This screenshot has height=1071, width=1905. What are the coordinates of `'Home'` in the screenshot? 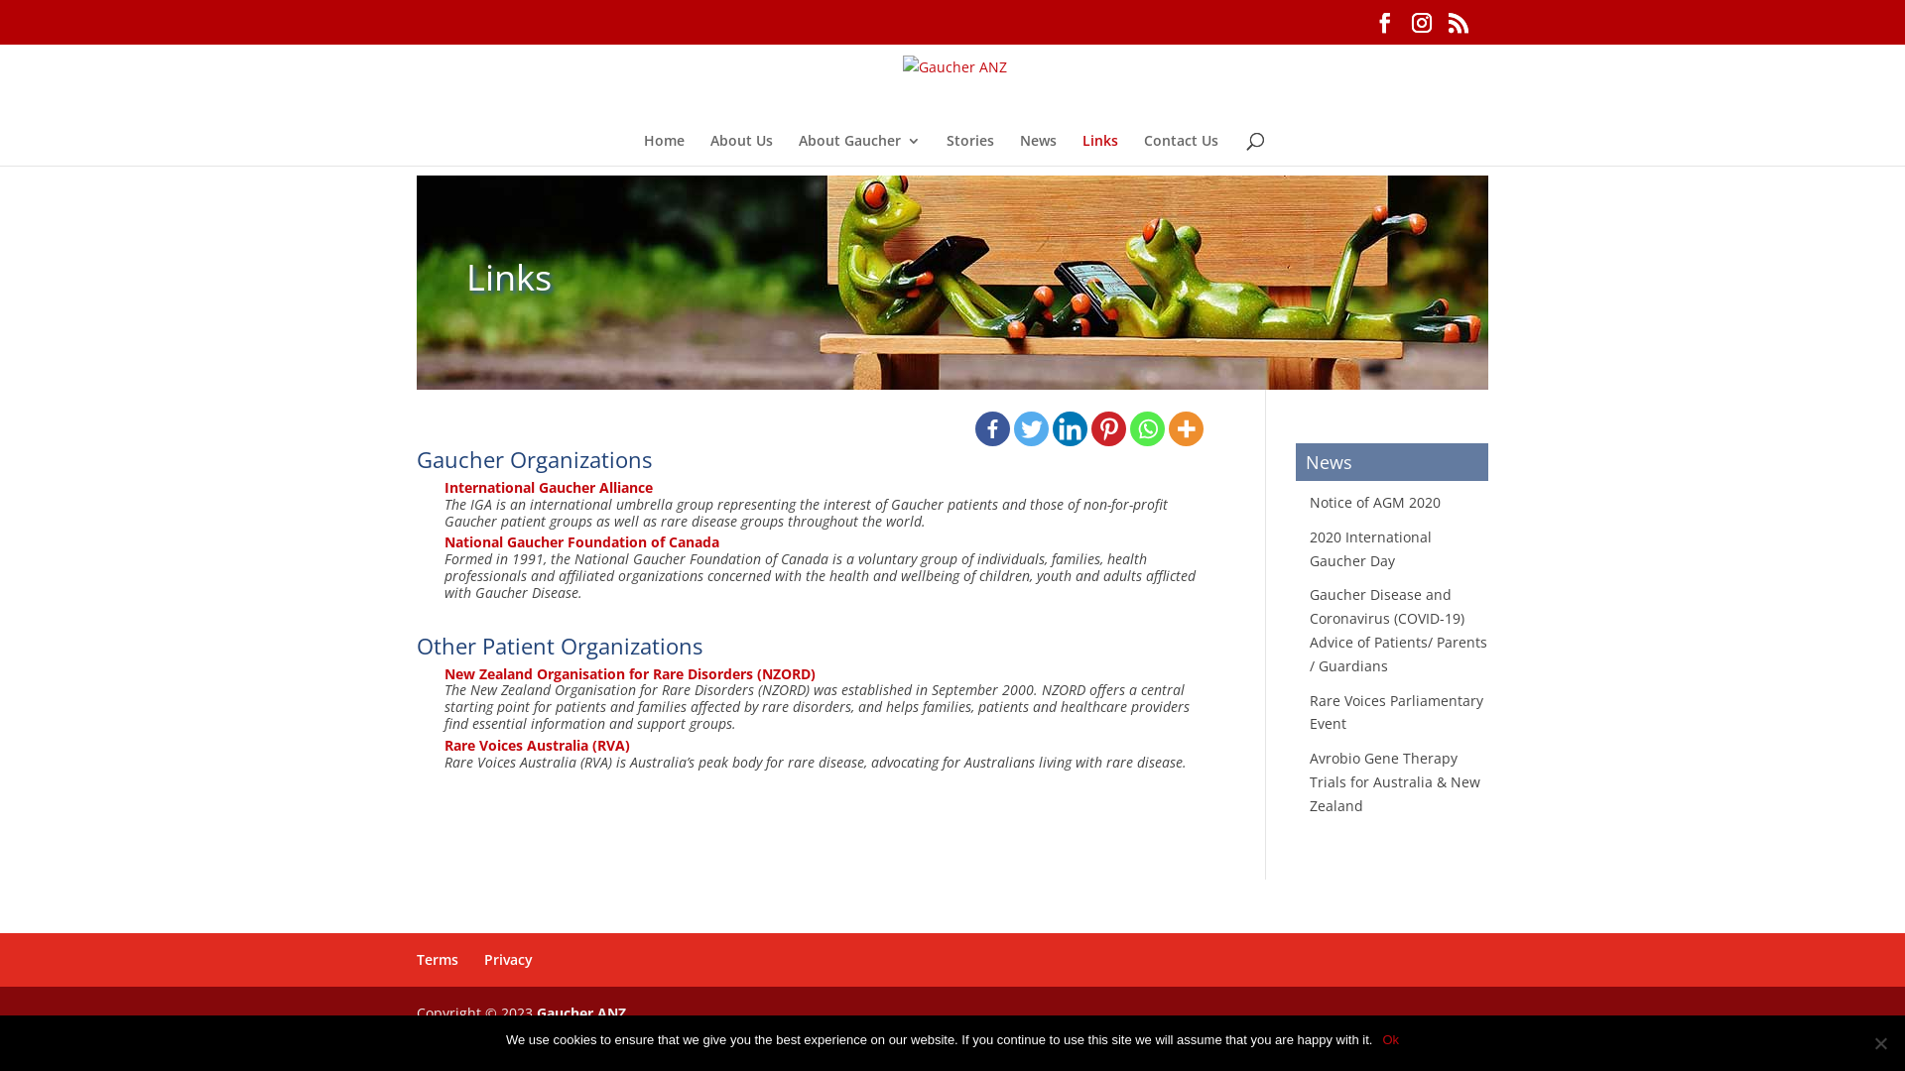 It's located at (663, 148).